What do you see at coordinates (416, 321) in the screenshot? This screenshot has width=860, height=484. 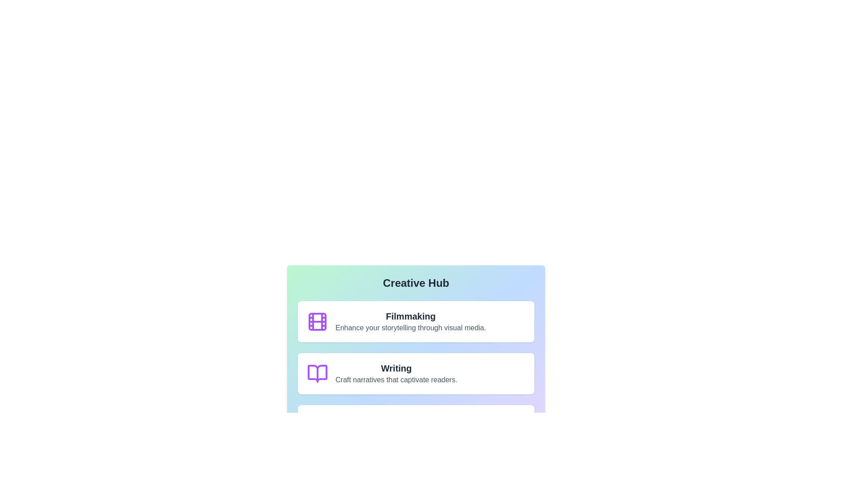 I see `the list item corresponding to Filmmaking to observe its hover effect` at bounding box center [416, 321].